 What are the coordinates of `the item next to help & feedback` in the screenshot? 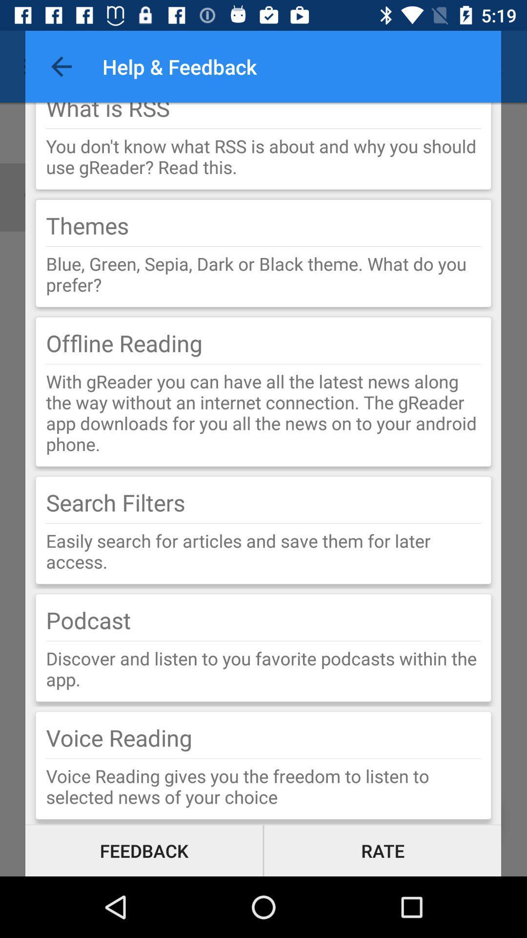 It's located at (61, 66).